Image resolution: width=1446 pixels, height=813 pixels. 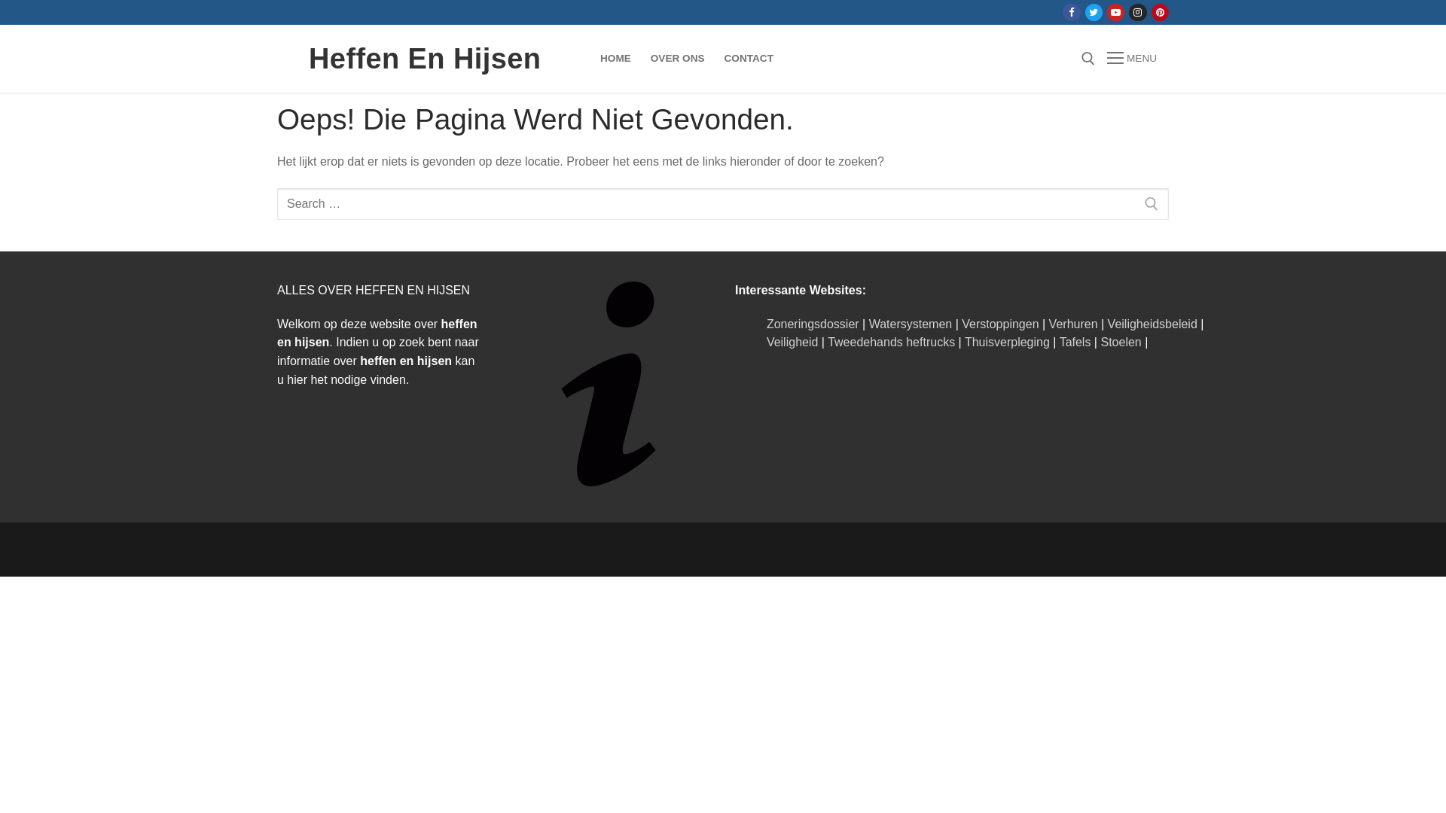 What do you see at coordinates (812, 323) in the screenshot?
I see `'Zoneringsdossier'` at bounding box center [812, 323].